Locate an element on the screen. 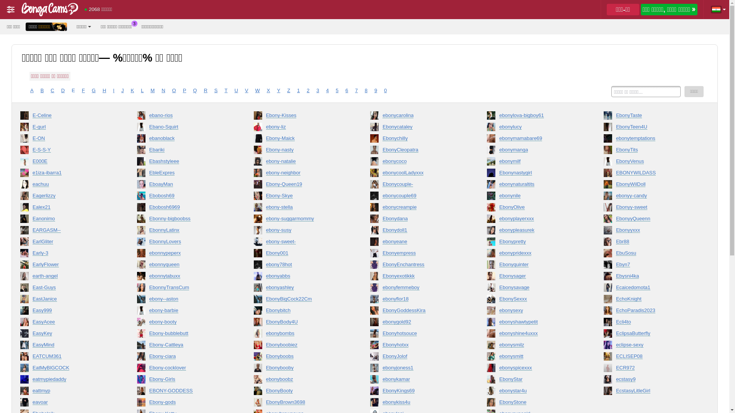  'ebanoblack' is located at coordinates (137, 140).